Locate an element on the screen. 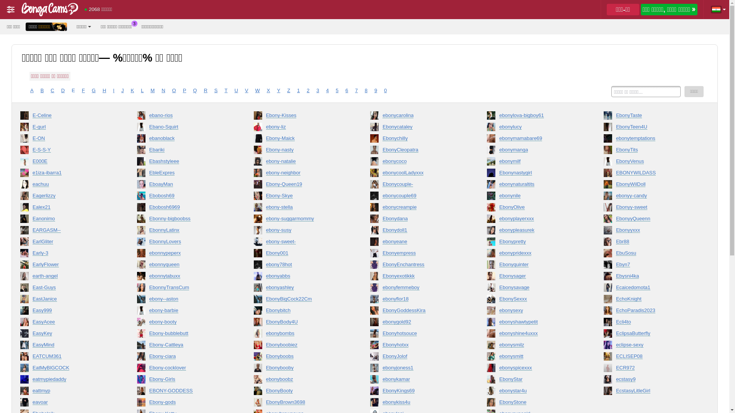  'ebanoblack' is located at coordinates (137, 140).